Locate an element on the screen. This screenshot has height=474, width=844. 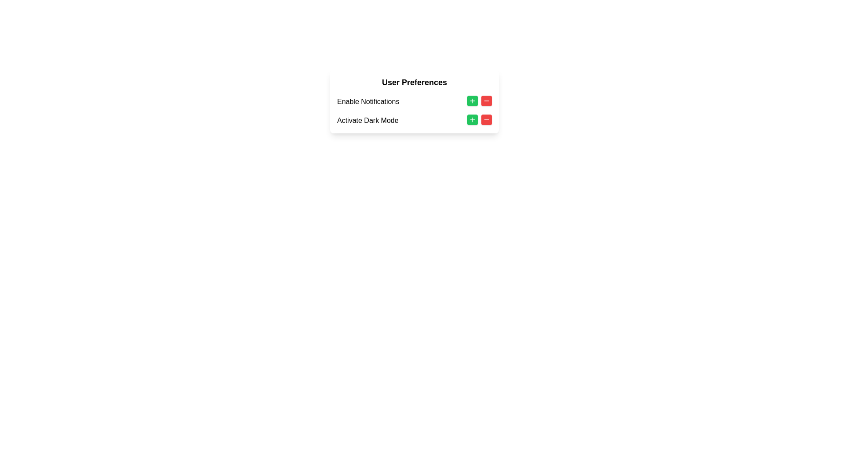
the small green button with a white plus icon located to the right of the 'Activate Dark Mode' label in the 'User Preferences' section is located at coordinates (472, 120).